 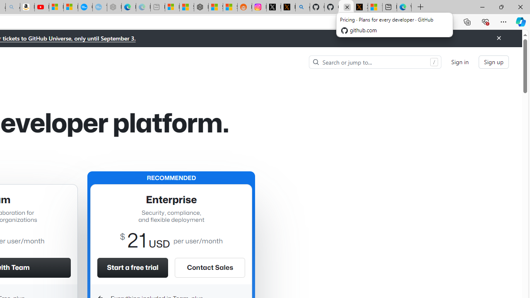 I want to click on 'Opinion: Op-Ed and Commentary - USA TODAY', so click(x=85, y=7).